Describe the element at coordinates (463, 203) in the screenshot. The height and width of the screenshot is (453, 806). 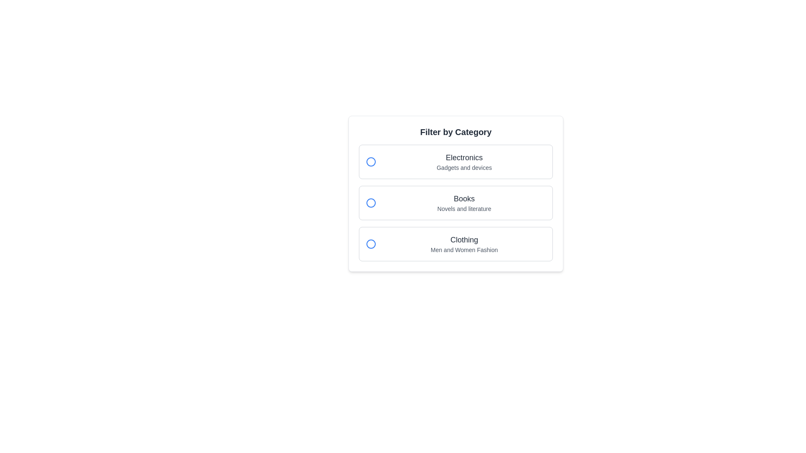
I see `the 'Books' text label, which is the second item in a vertically stacked selection list of categories` at that location.